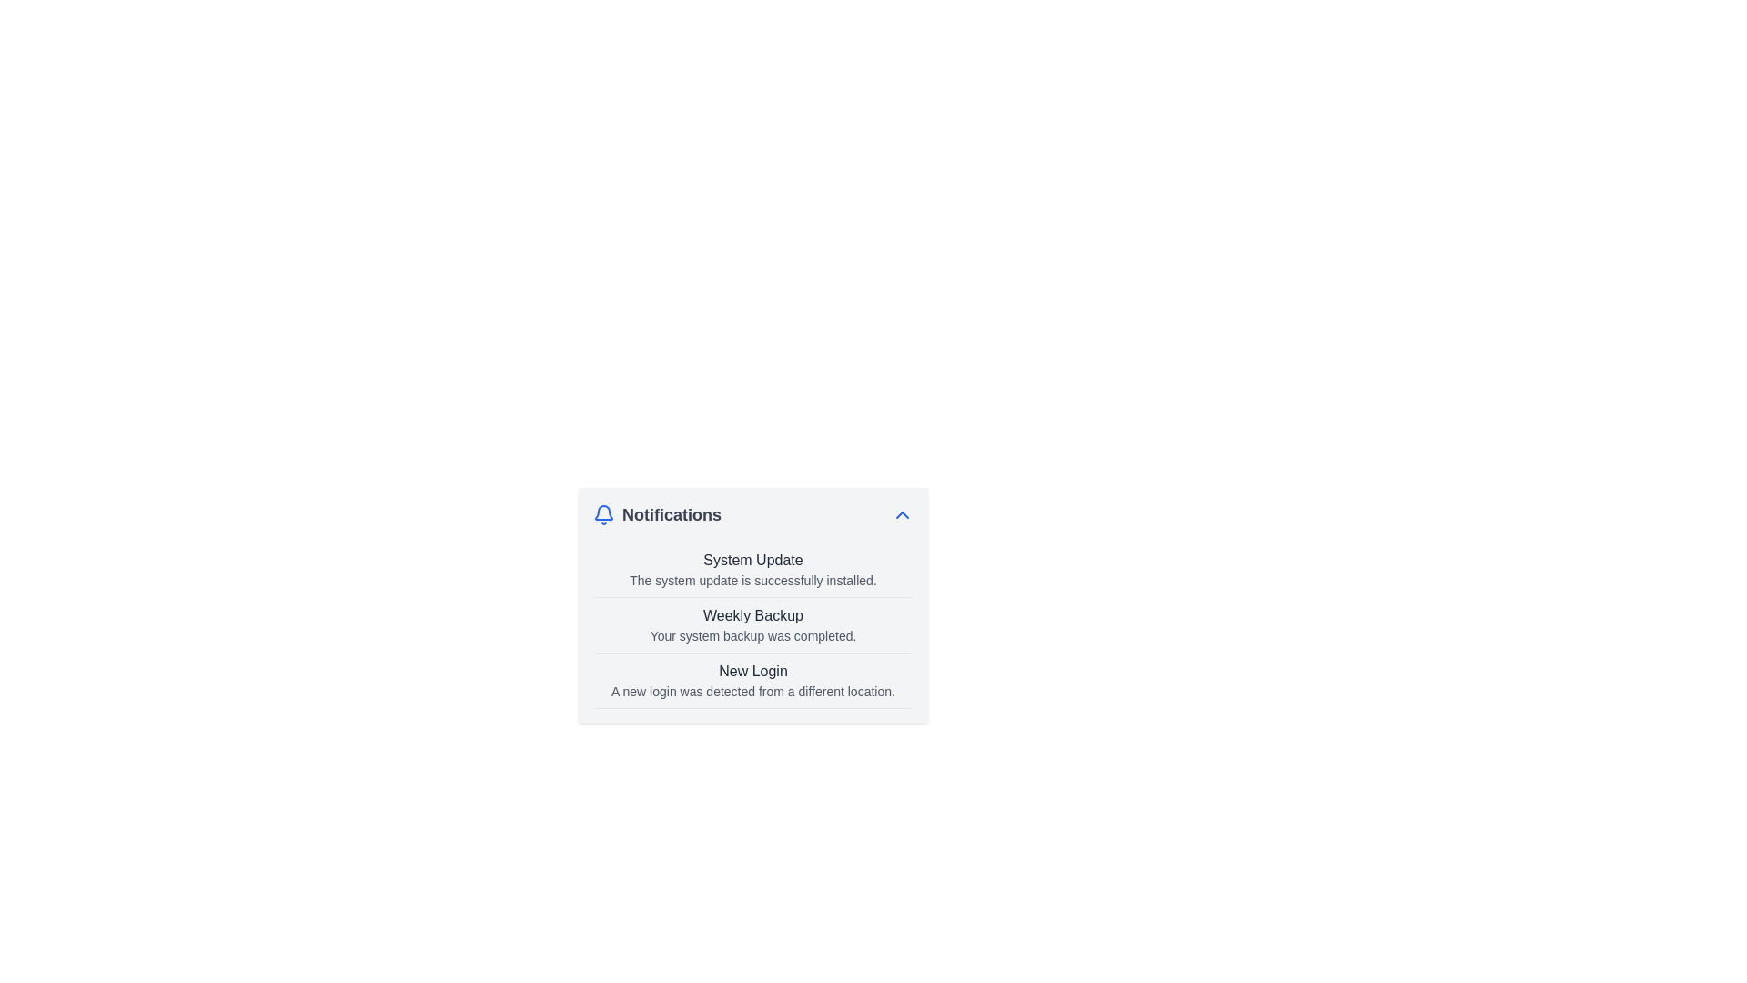 Image resolution: width=1747 pixels, height=983 pixels. Describe the element at coordinates (753, 624) in the screenshot. I see `the title 'Weekly Backup'` at that location.